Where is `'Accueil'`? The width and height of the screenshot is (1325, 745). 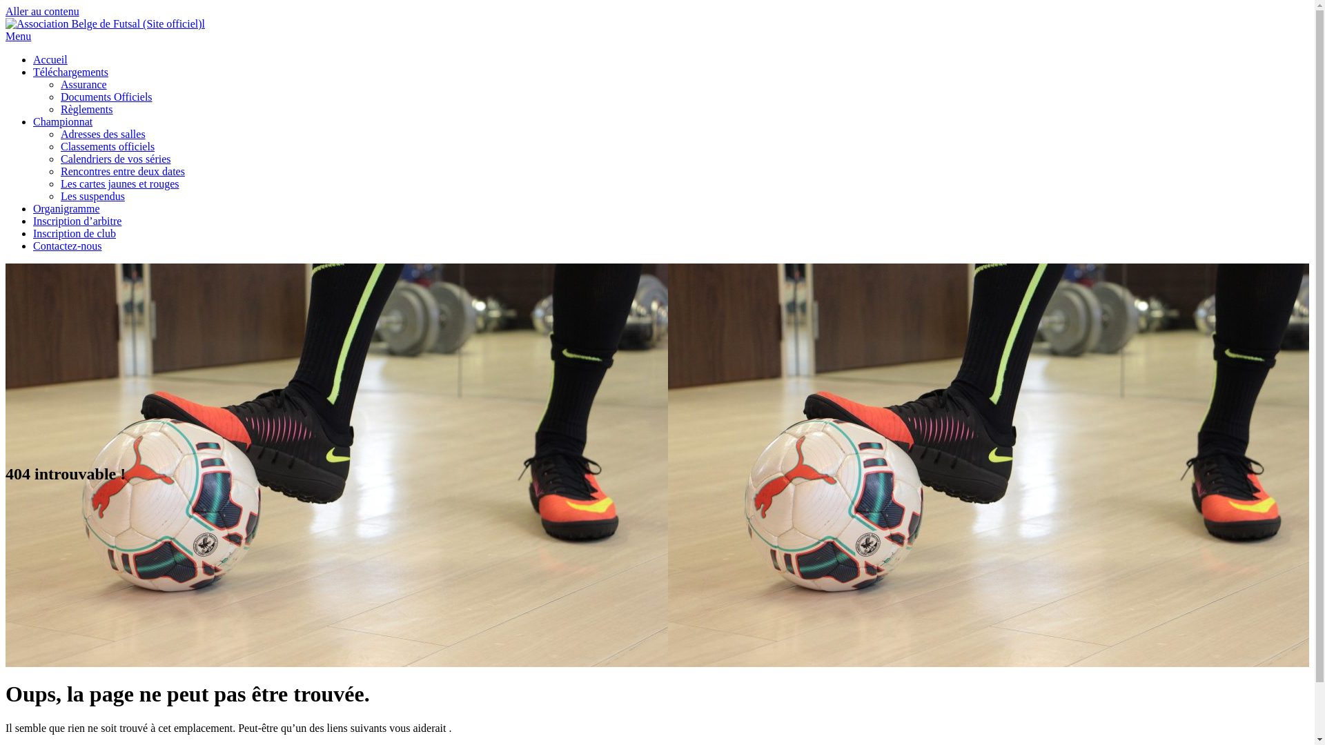
'Accueil' is located at coordinates (33, 59).